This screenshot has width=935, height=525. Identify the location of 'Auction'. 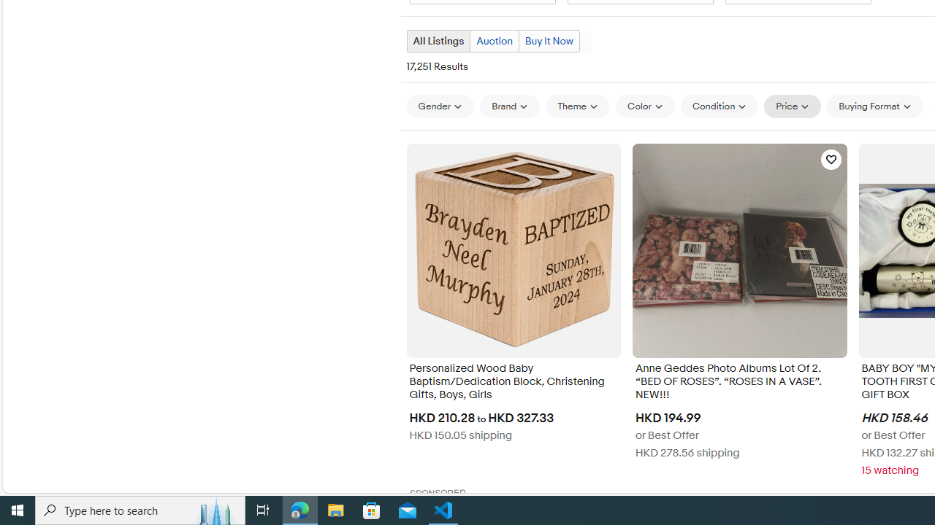
(495, 40).